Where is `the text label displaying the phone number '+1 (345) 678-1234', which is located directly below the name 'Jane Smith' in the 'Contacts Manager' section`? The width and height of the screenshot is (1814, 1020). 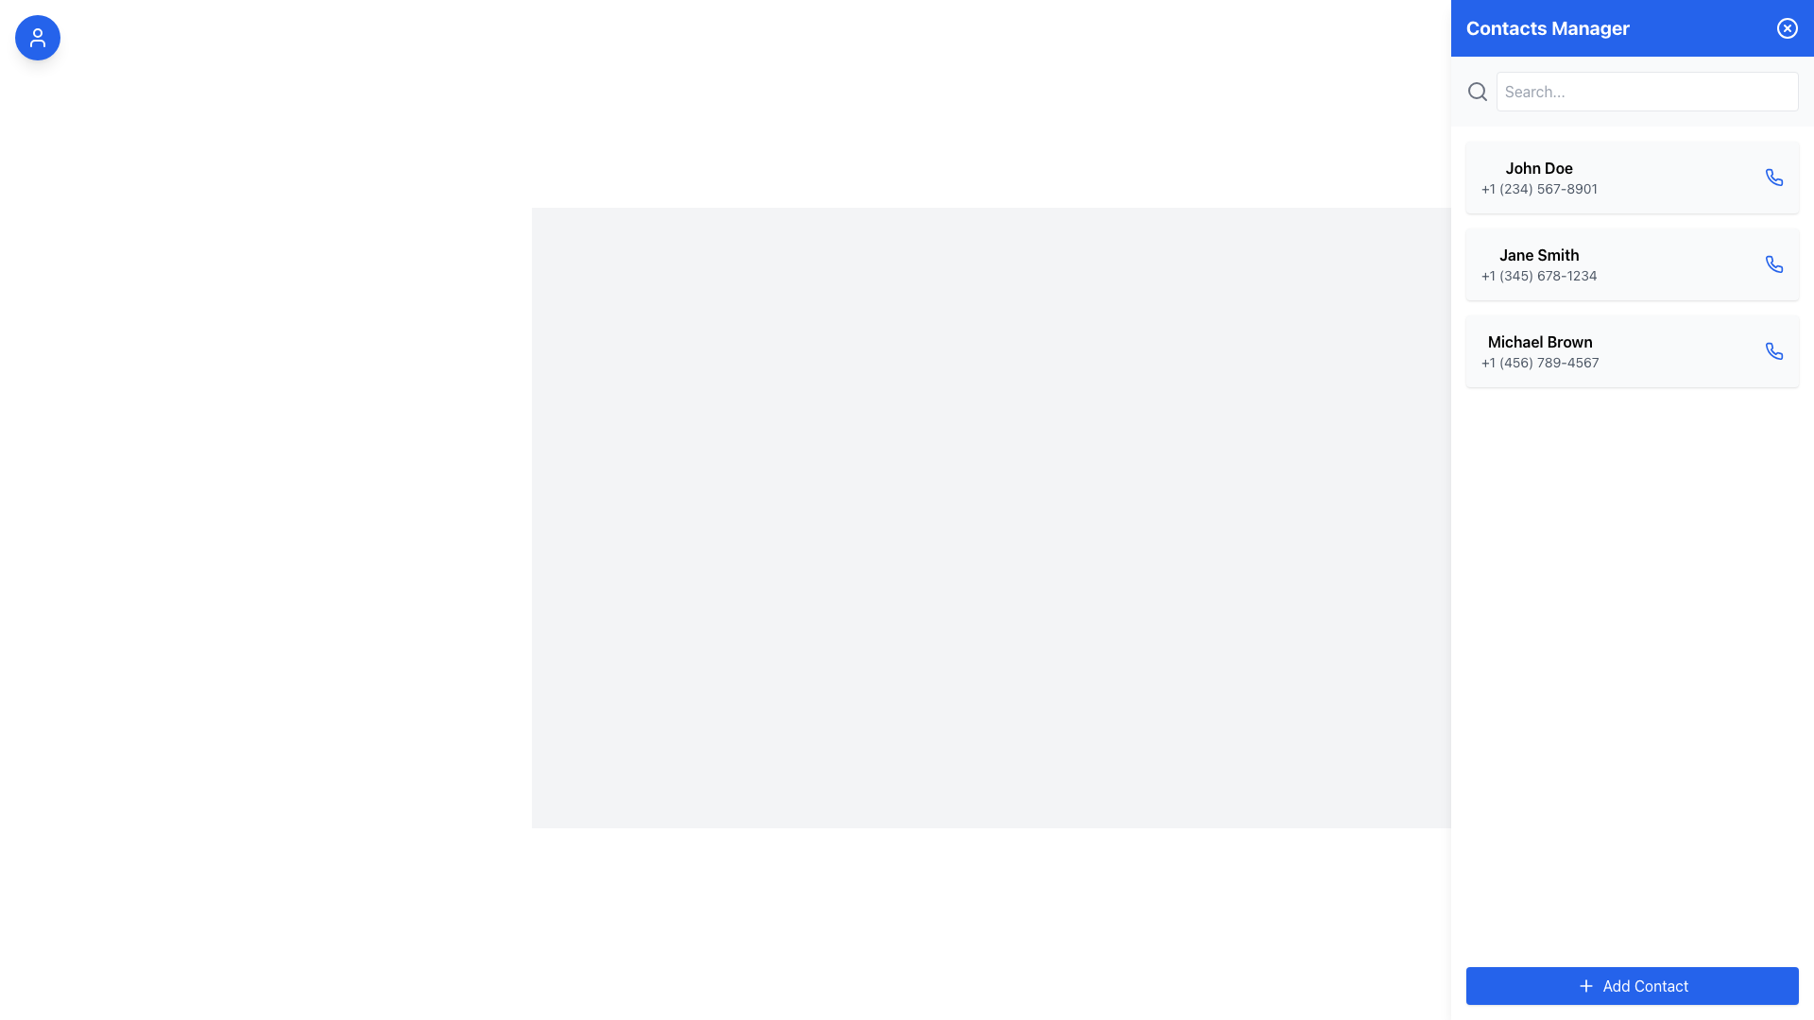
the text label displaying the phone number '+1 (345) 678-1234', which is located directly below the name 'Jane Smith' in the 'Contacts Manager' section is located at coordinates (1539, 276).